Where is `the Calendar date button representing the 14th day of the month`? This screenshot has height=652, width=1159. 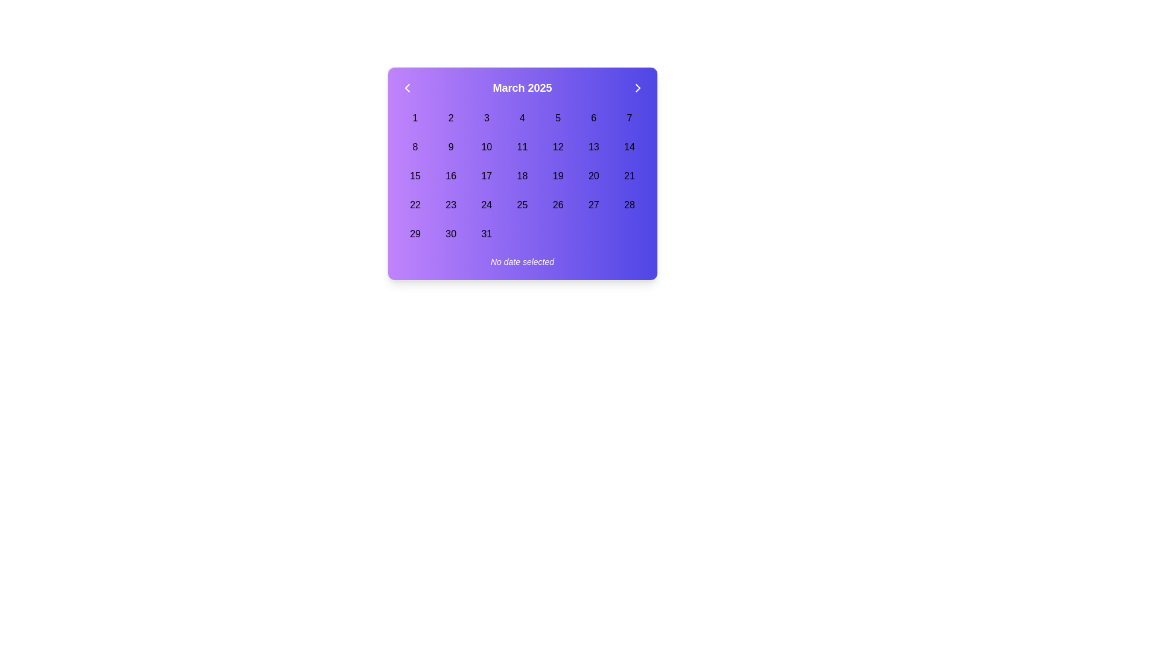 the Calendar date button representing the 14th day of the month is located at coordinates (628, 146).